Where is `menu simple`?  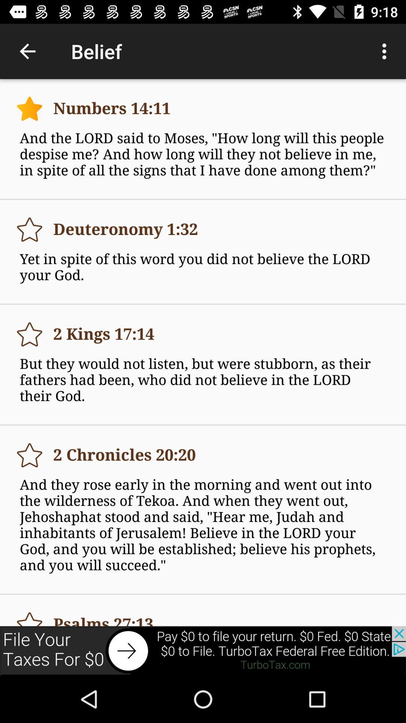
menu simple is located at coordinates (29, 455).